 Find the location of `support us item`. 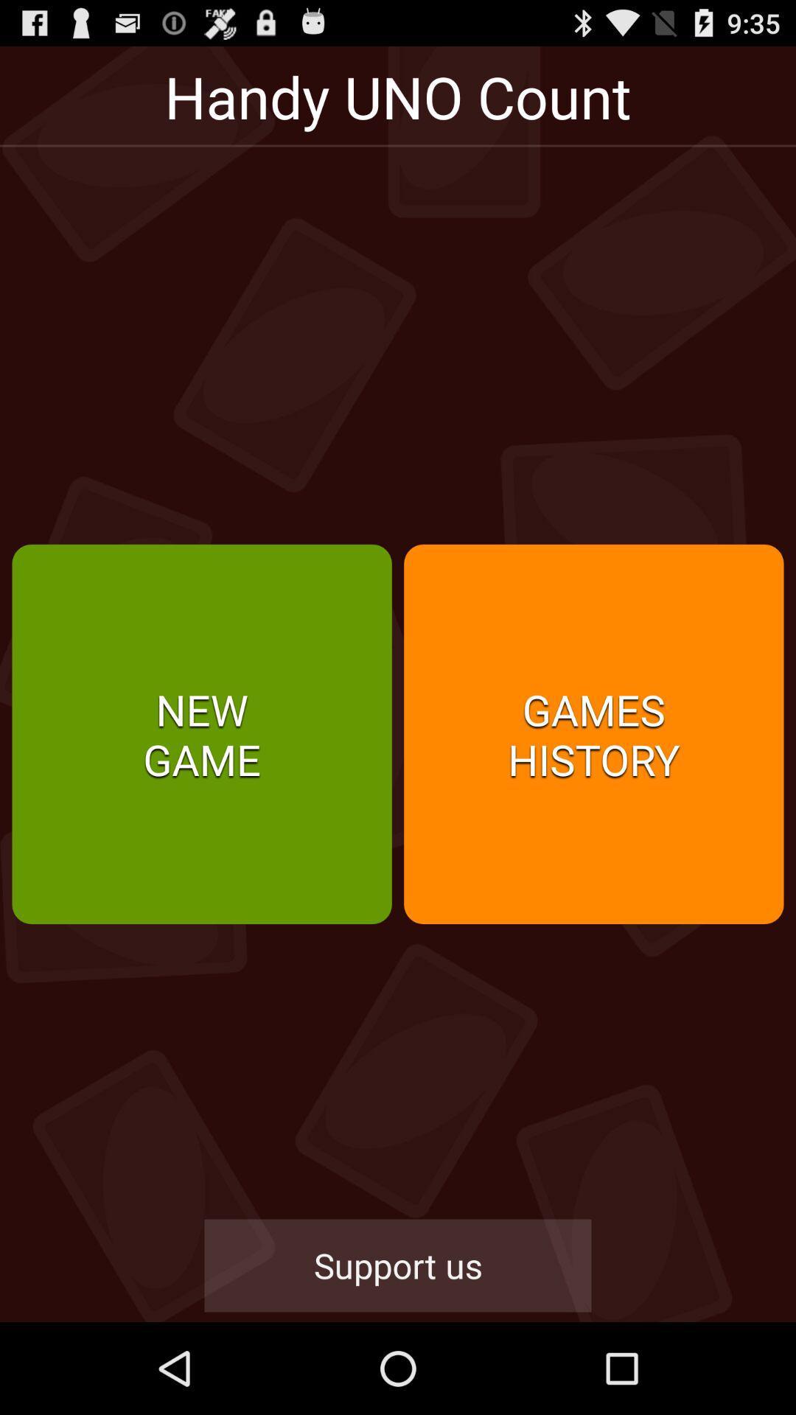

support us item is located at coordinates (398, 1265).